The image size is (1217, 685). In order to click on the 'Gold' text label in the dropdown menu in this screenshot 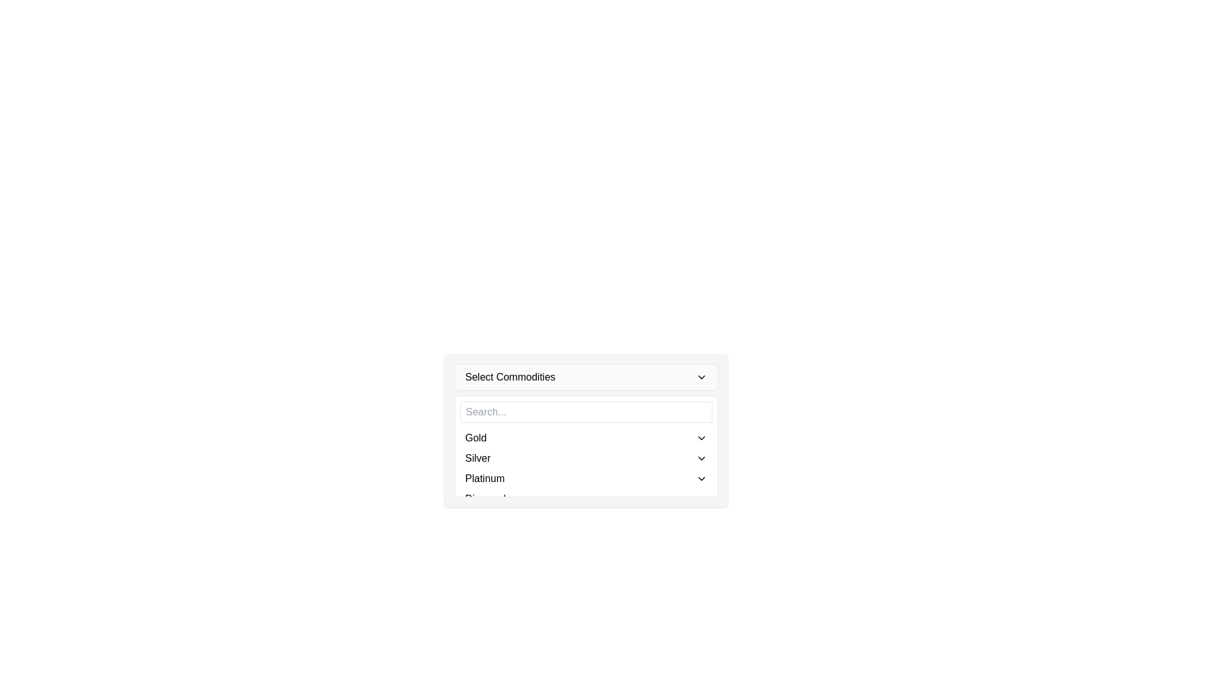, I will do `click(475, 437)`.